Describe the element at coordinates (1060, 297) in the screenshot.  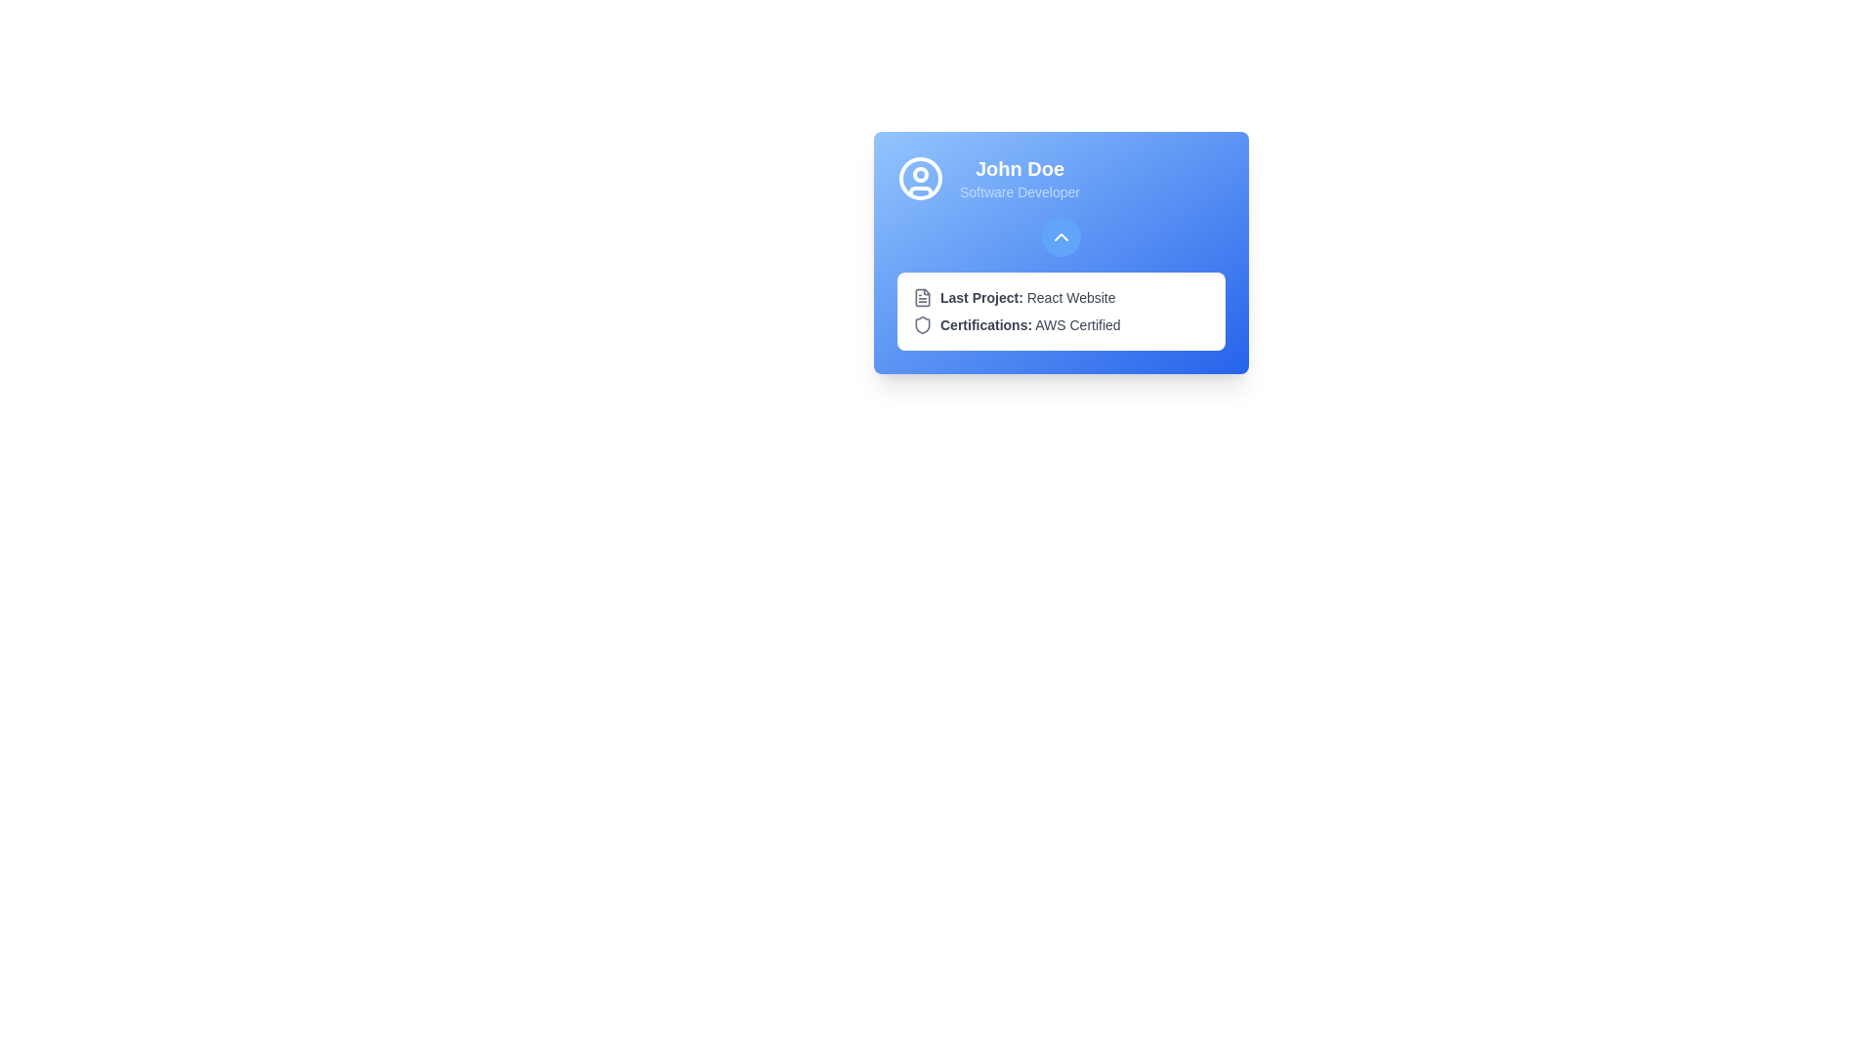
I see `the document icon next to the text 'Last Project: React Website' for details` at that location.